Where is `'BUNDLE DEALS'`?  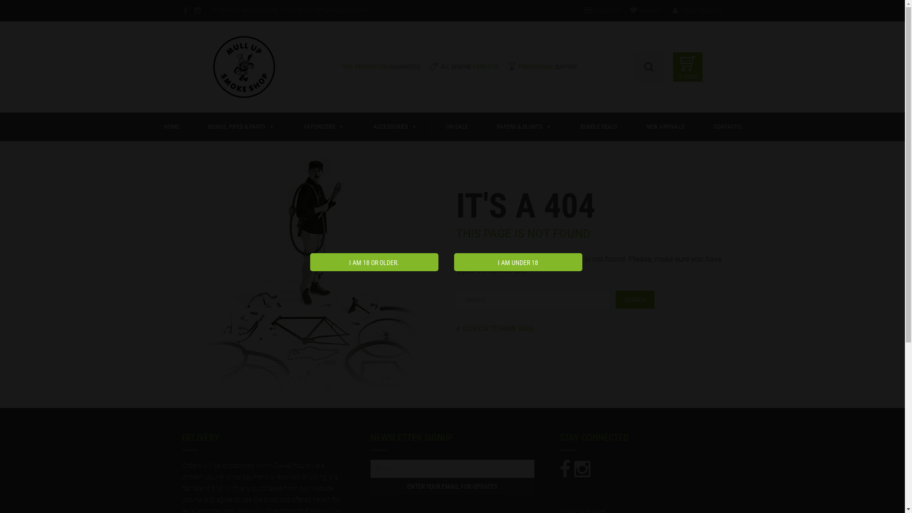 'BUNDLE DEALS' is located at coordinates (598, 126).